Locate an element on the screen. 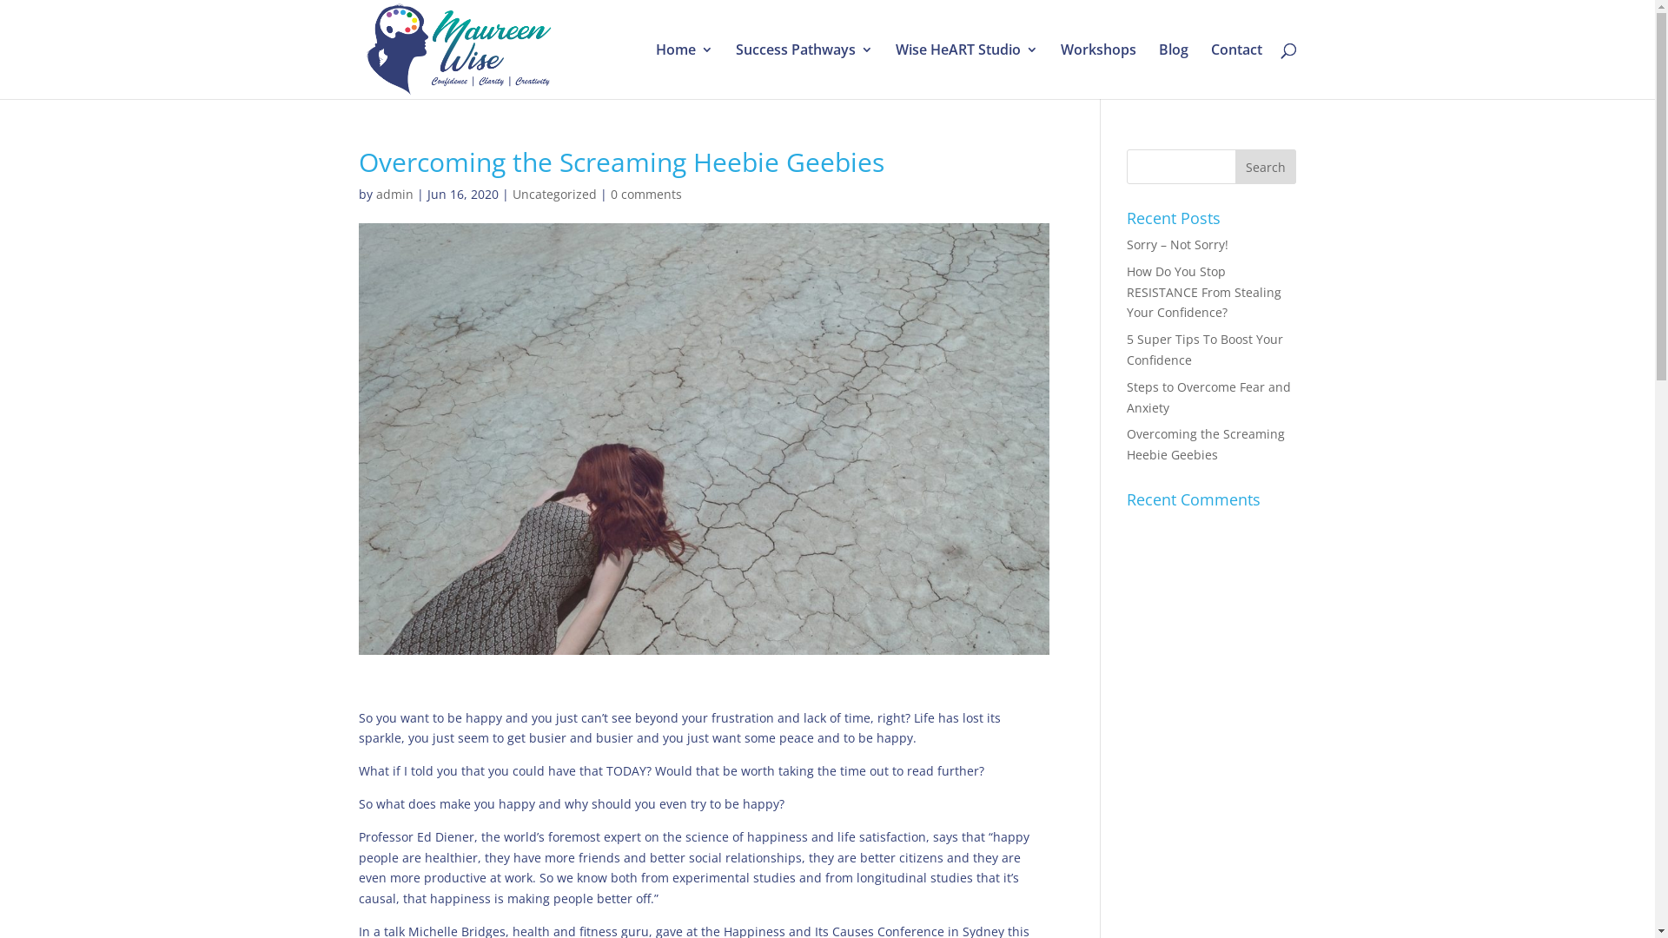  'Workshops' is located at coordinates (1058, 69).